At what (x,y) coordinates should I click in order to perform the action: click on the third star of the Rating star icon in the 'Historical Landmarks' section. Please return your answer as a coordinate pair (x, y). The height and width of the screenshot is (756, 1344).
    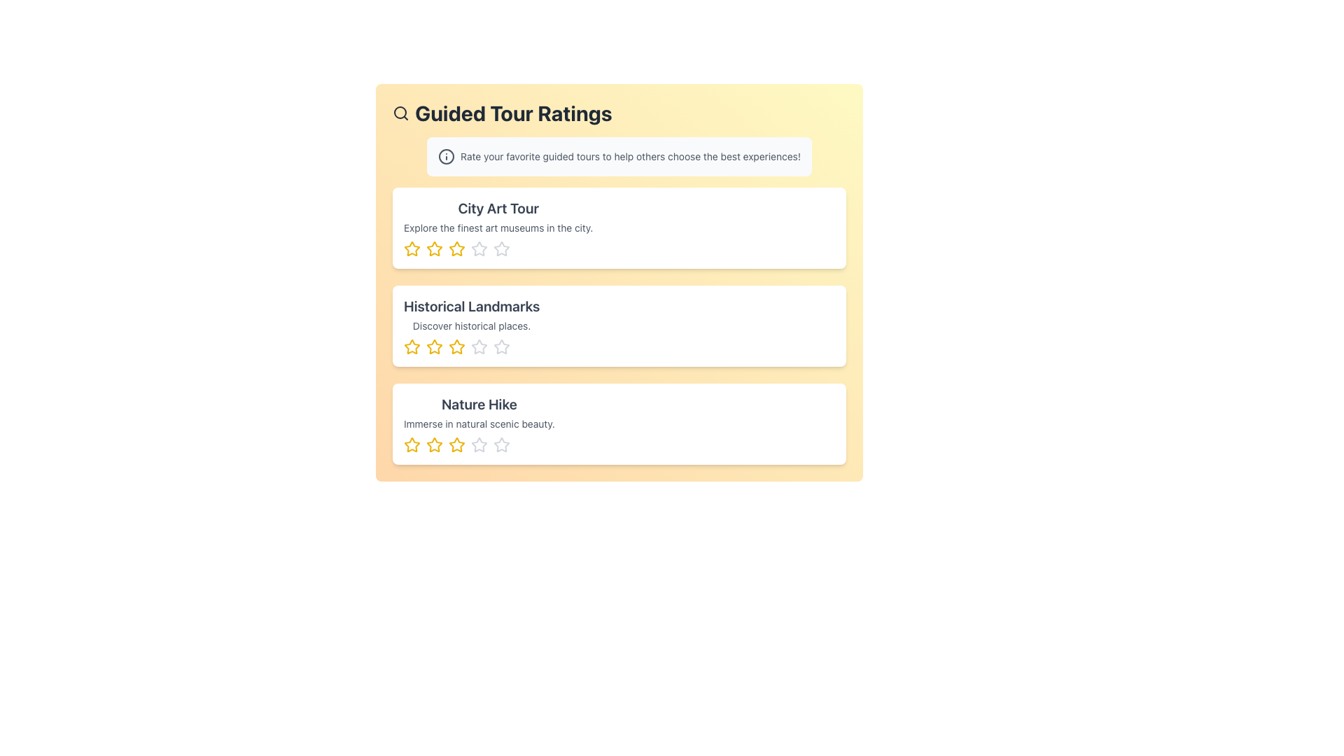
    Looking at the image, I should click on (472, 346).